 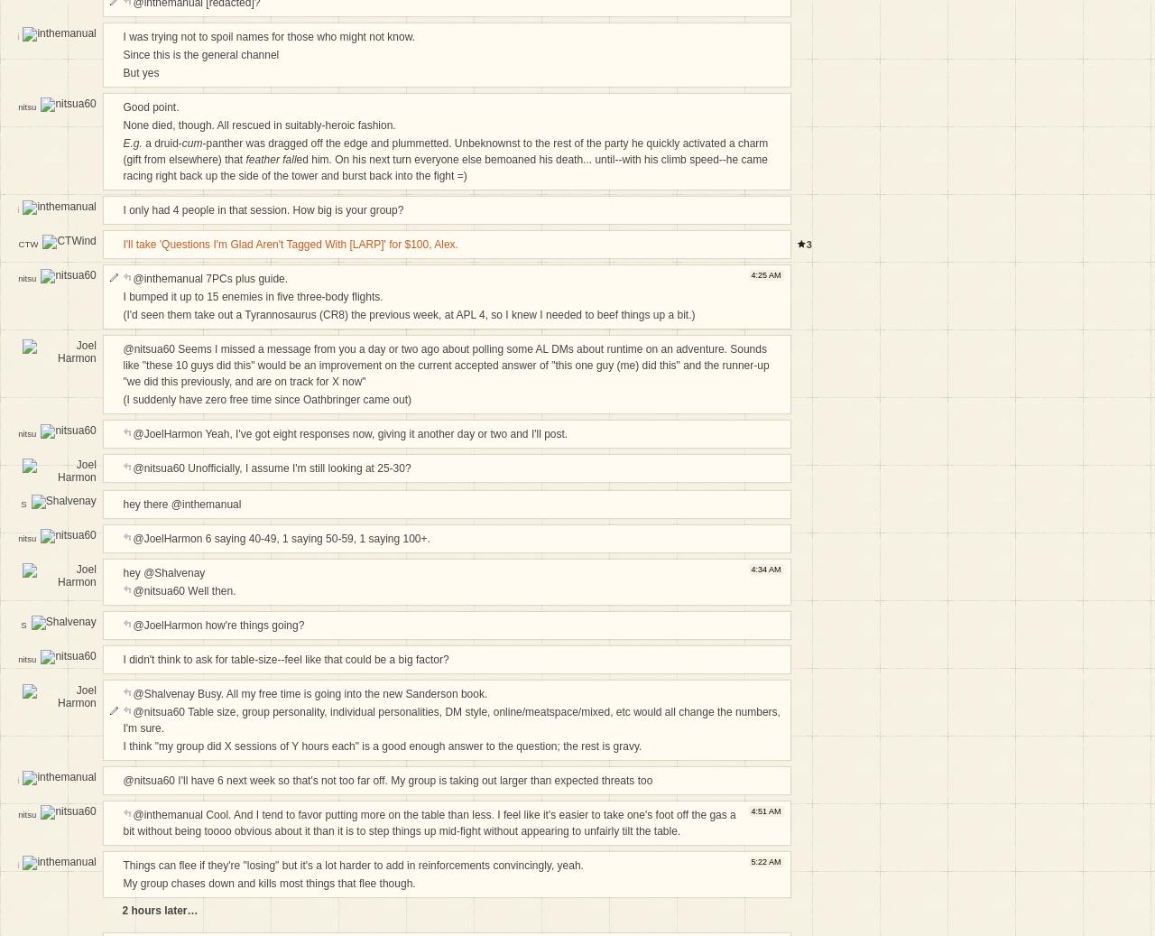 What do you see at coordinates (217, 624) in the screenshot?
I see `'@JoelHarmon how're things going?'` at bounding box center [217, 624].